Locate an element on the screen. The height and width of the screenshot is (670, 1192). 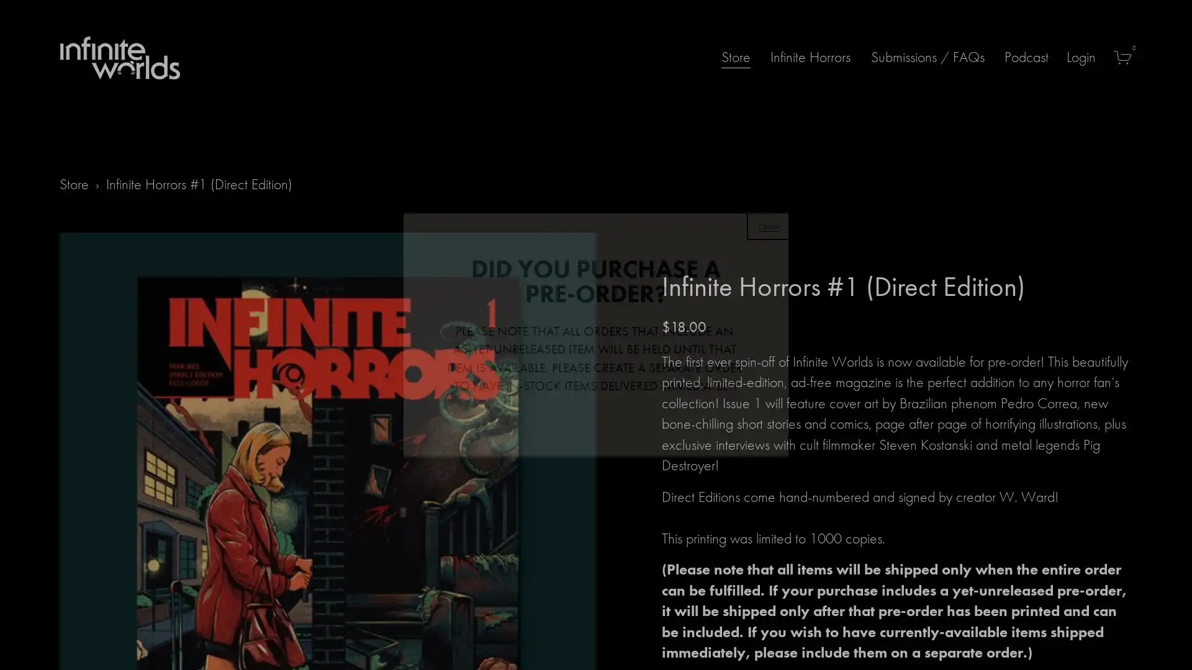
Close is located at coordinates (768, 225).